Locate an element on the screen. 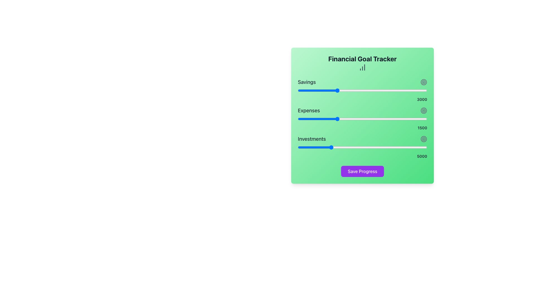 The width and height of the screenshot is (535, 301). the expenses slider is located at coordinates (364, 119).